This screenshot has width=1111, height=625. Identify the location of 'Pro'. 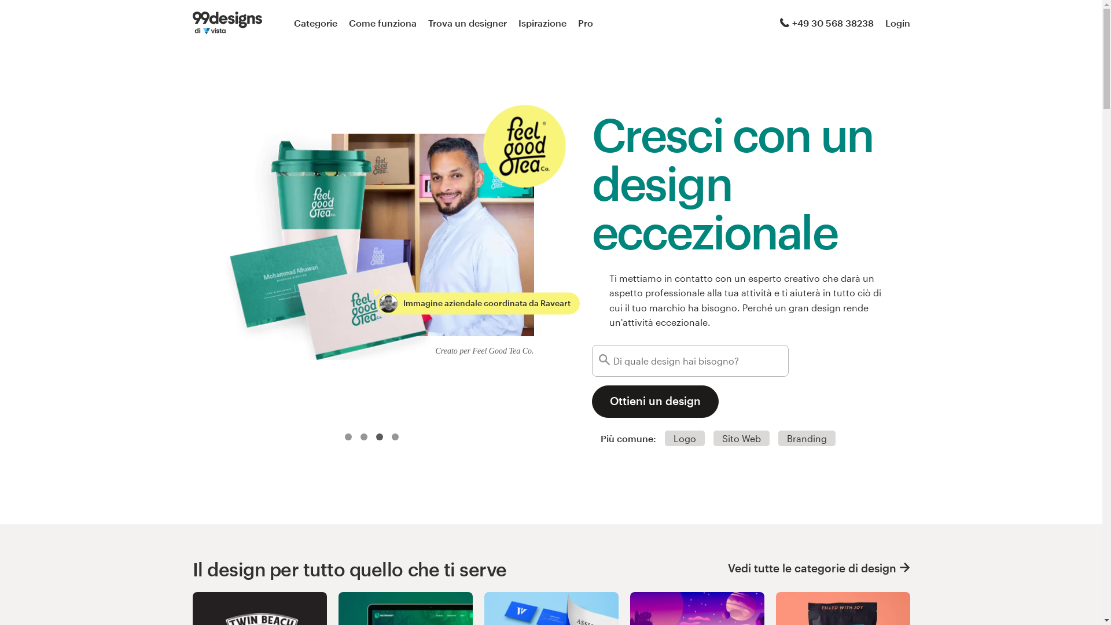
(585, 23).